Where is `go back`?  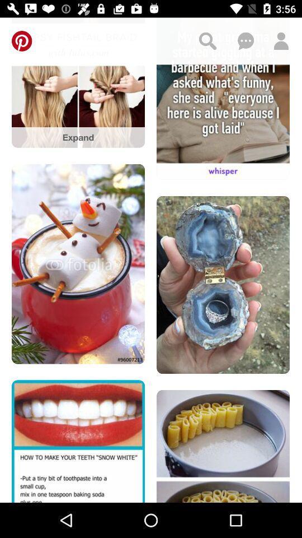 go back is located at coordinates (22, 41).